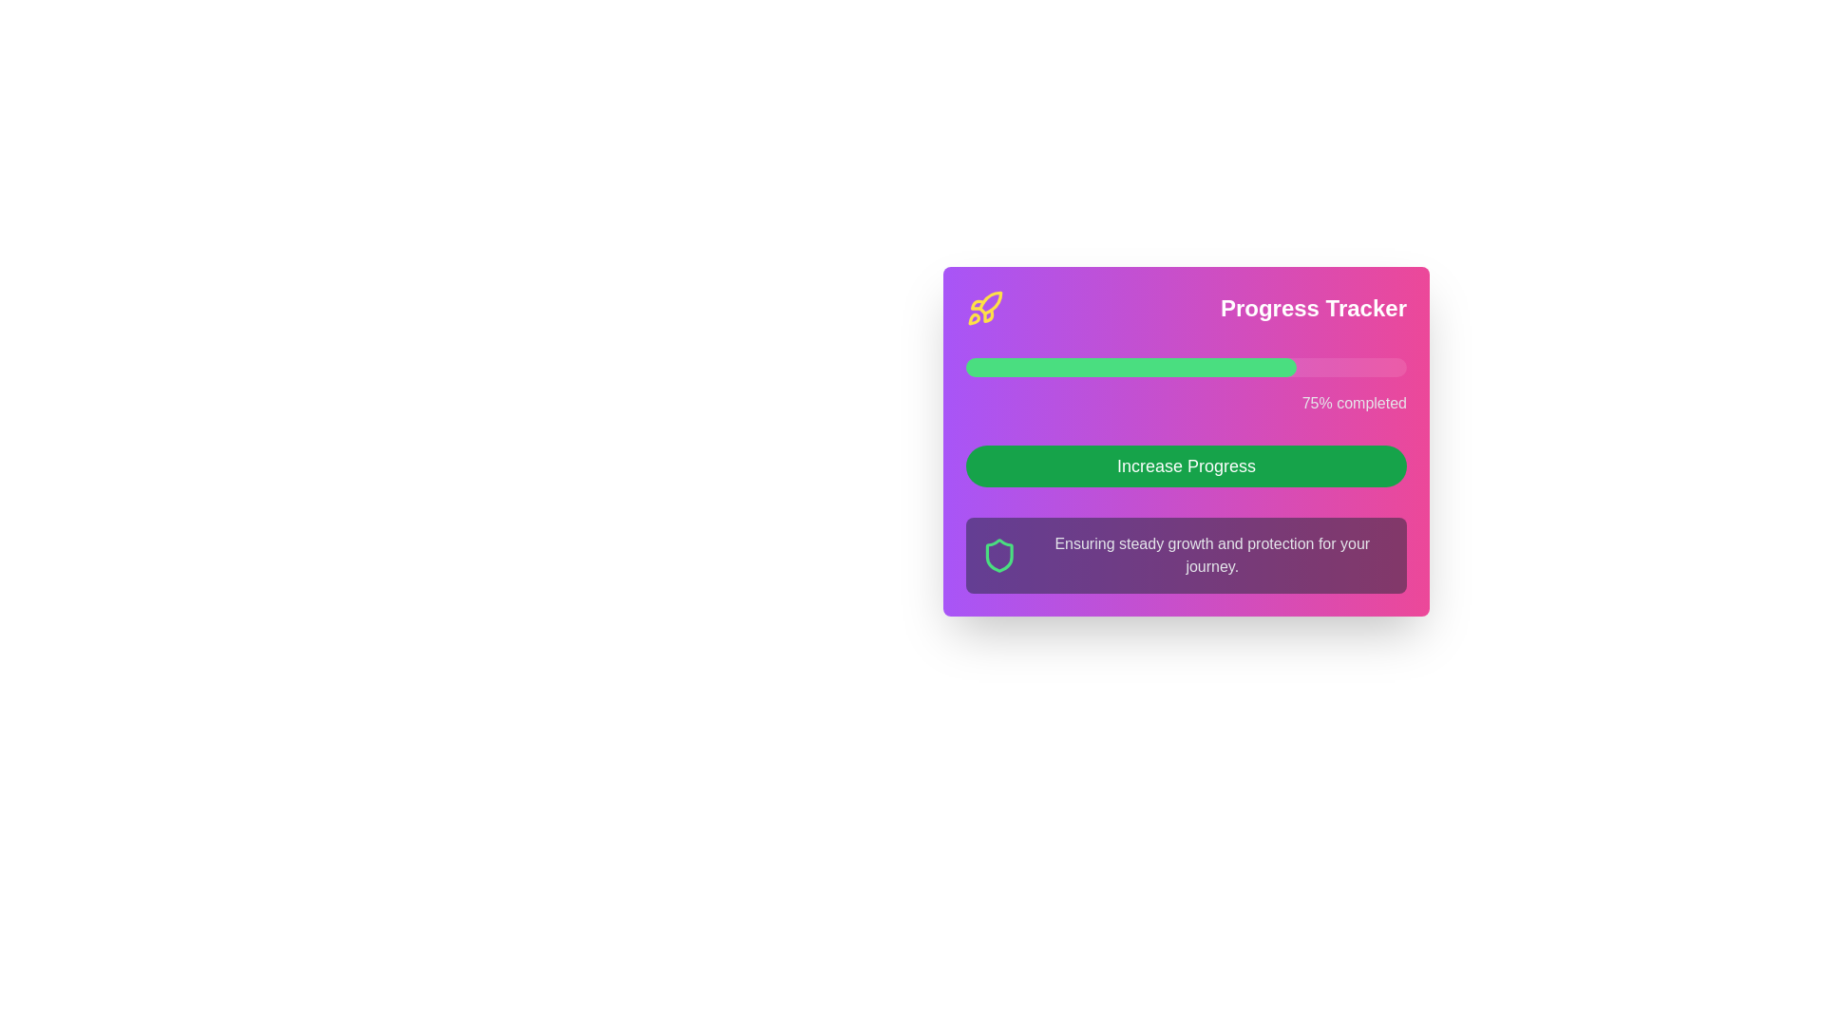  What do you see at coordinates (1185, 465) in the screenshot?
I see `the progress button located beneath the progress bar in the 'Progress Tracker' panel to observe the hover effect` at bounding box center [1185, 465].